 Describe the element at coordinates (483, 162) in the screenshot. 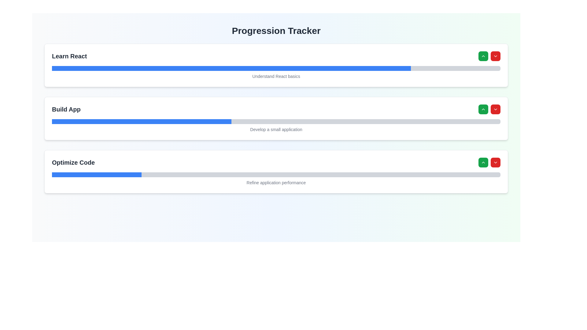

I see `the upward-pointing chevron icon button located within the green round-cornered button` at that location.